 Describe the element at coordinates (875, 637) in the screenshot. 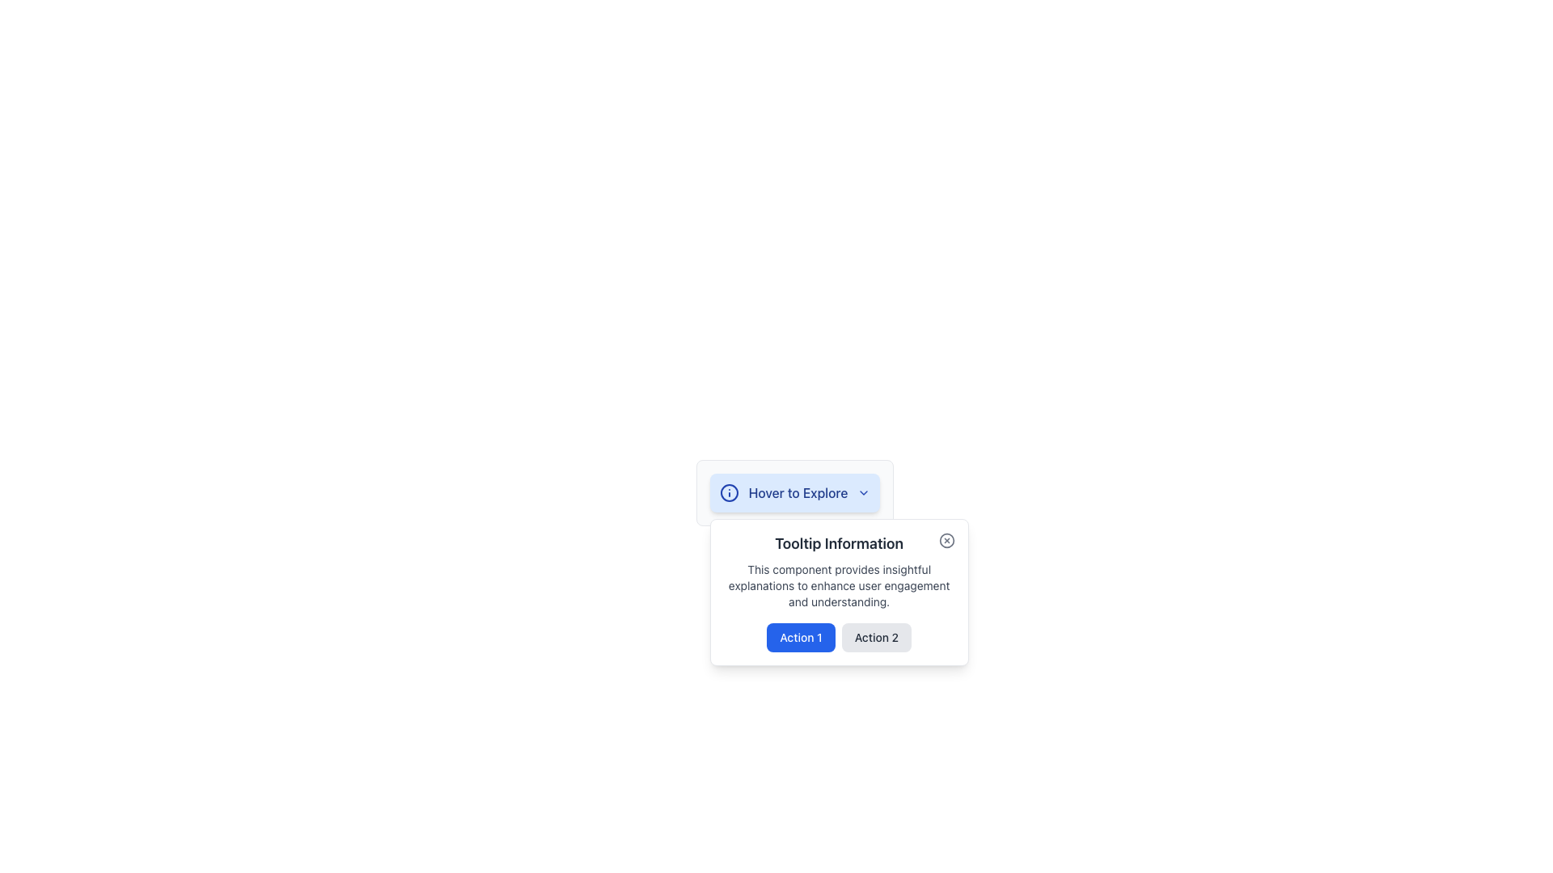

I see `the 'Action 2' button to observe its hover effect, which is the second button in a horizontal array of buttons below the 'Tooltip Information' heading` at that location.